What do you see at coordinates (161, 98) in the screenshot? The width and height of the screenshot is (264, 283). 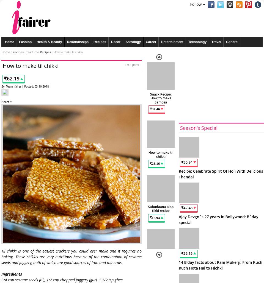 I see `'Snack Recipe: How to make Samosa'` at bounding box center [161, 98].